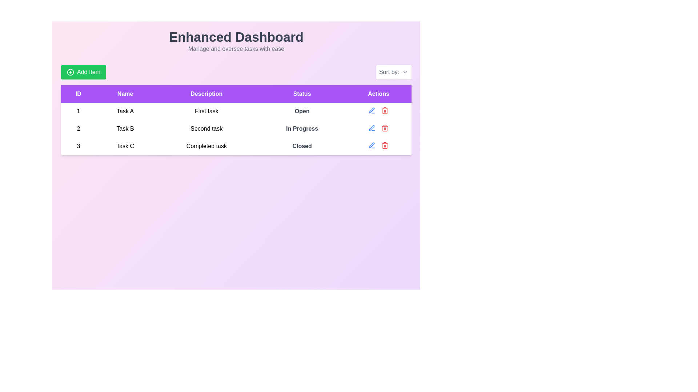  Describe the element at coordinates (206, 111) in the screenshot. I see `the static text label in the third column of the first row of the table under the 'Description' header` at that location.